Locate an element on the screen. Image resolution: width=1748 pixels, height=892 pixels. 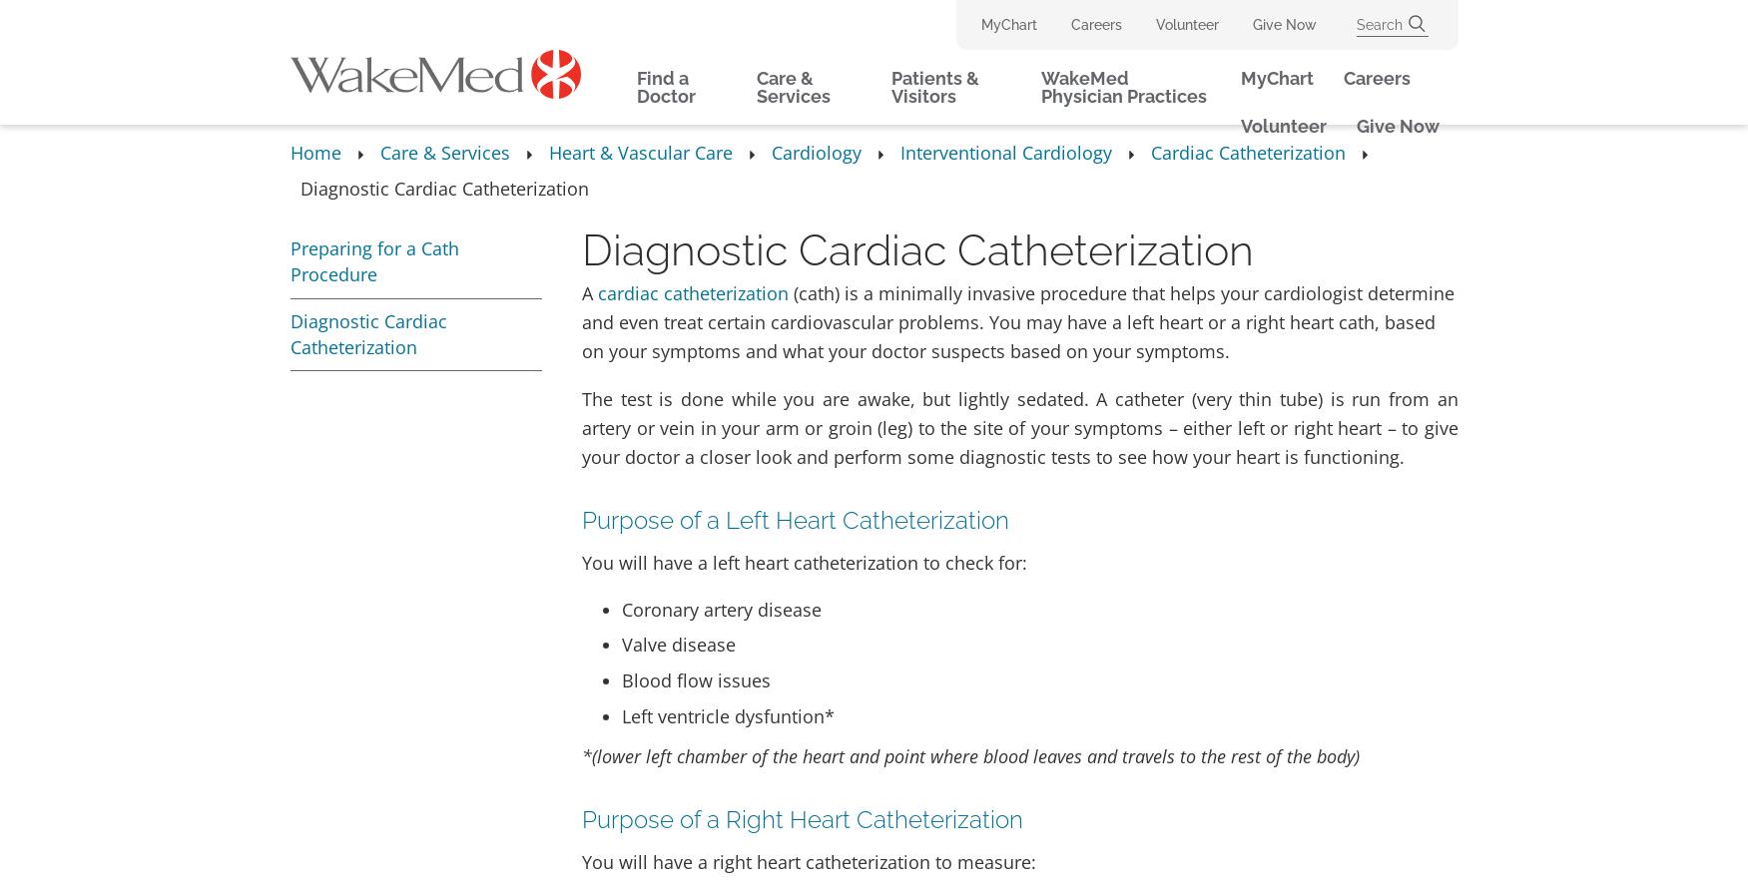
'Purpose of a Left Heart Catheterization' is located at coordinates (795, 519).